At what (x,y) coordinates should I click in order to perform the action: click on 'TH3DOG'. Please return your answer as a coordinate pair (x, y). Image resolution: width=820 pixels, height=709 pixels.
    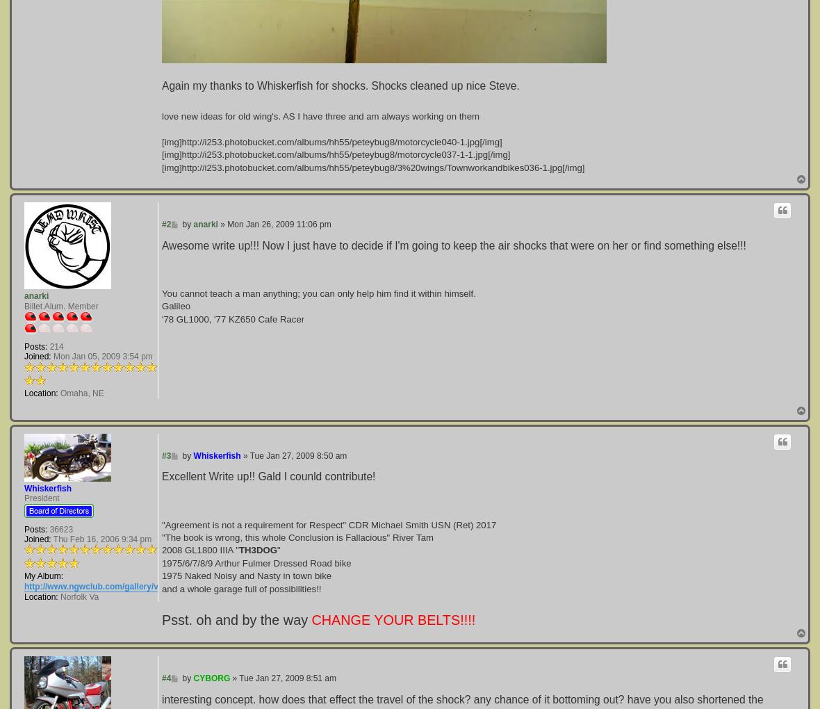
    Looking at the image, I should click on (238, 549).